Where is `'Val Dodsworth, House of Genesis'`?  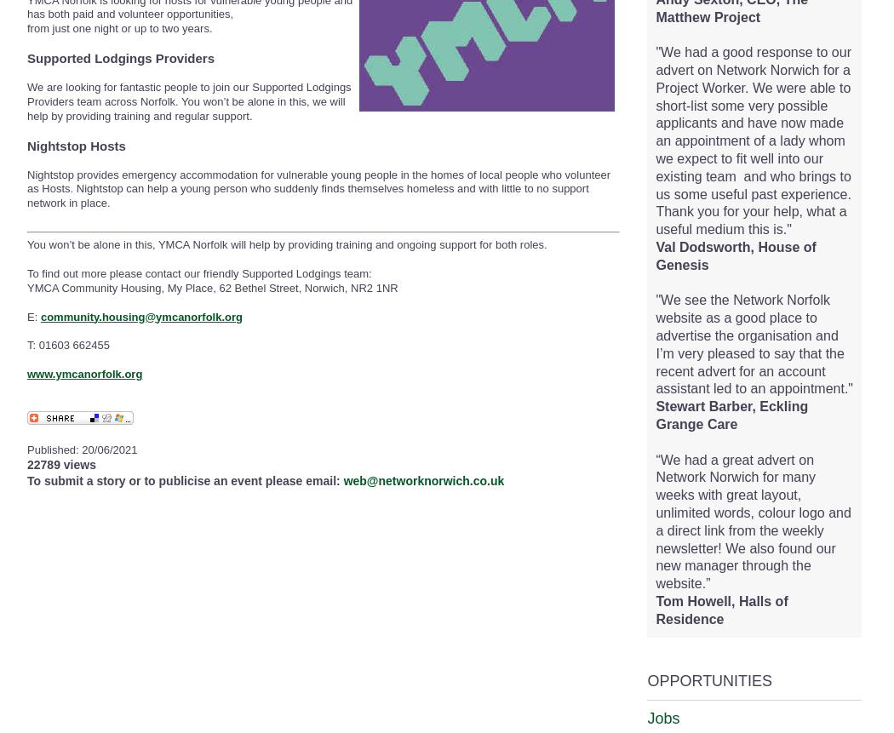 'Val Dodsworth, House of Genesis' is located at coordinates (735, 255).